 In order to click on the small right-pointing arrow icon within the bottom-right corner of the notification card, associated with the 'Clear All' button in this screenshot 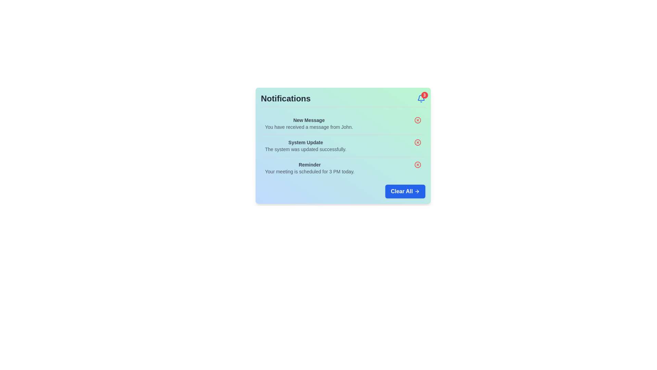, I will do `click(417, 192)`.